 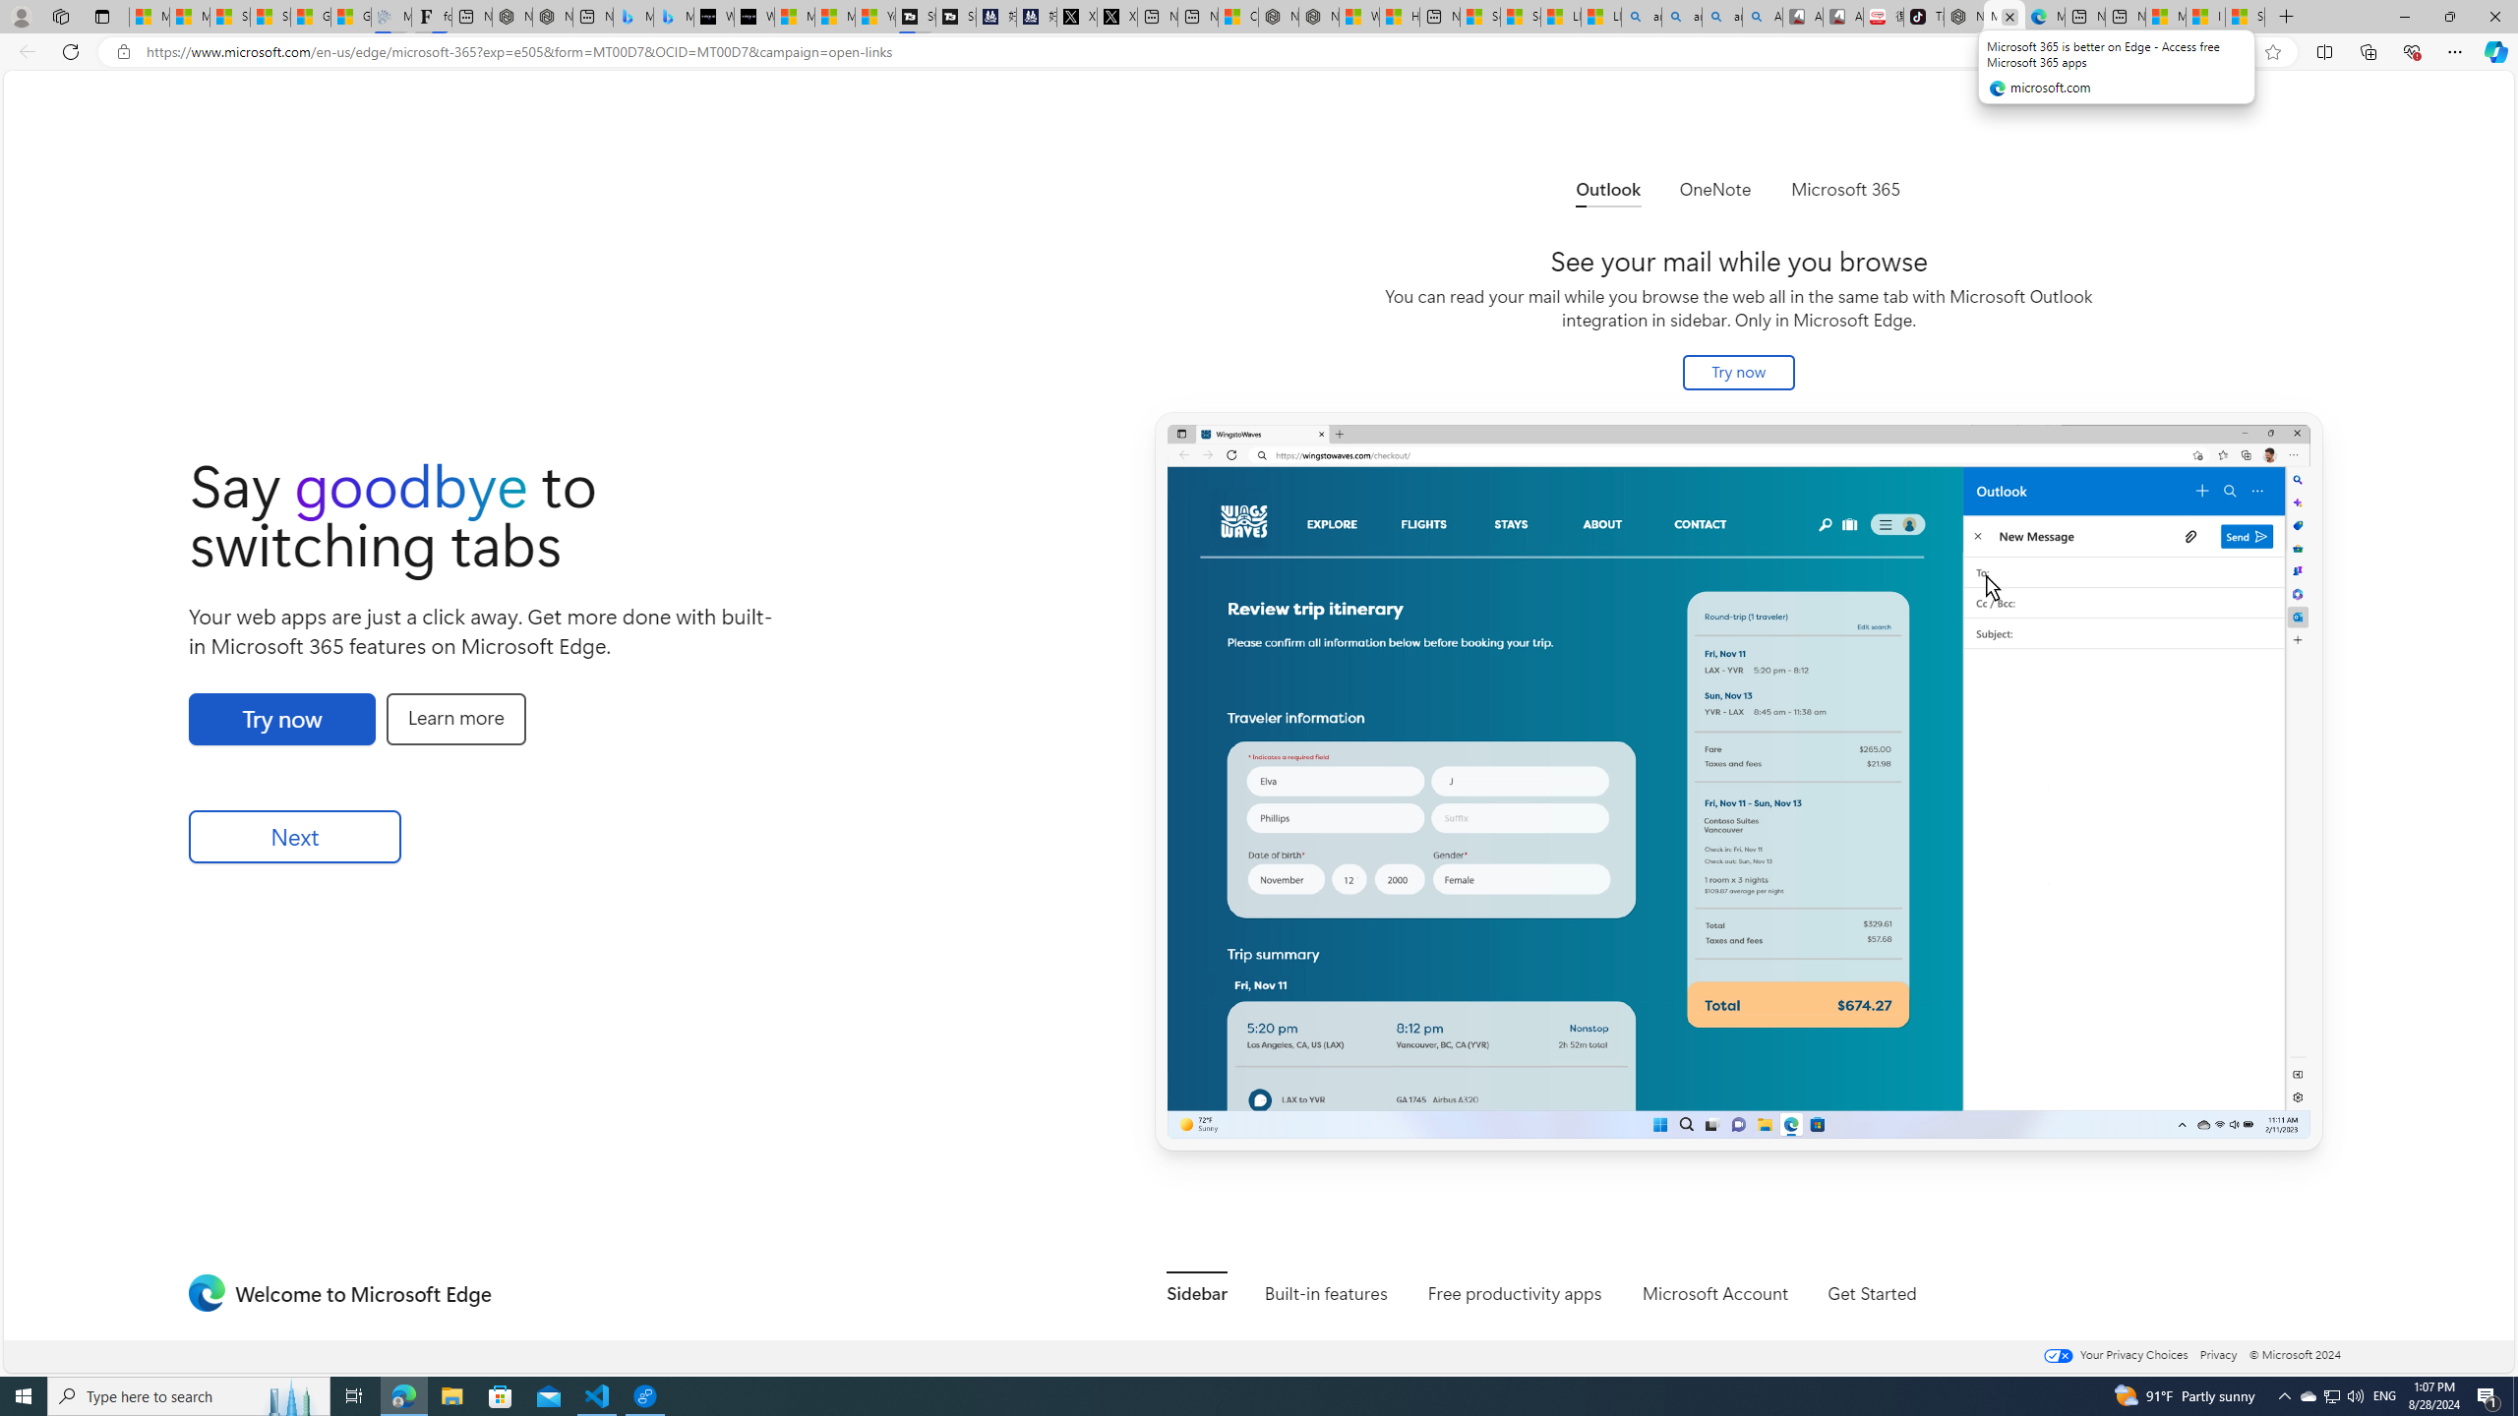 What do you see at coordinates (1399, 16) in the screenshot?
I see `'Huge shark washes ashore at New York City beach | Watch'` at bounding box center [1399, 16].